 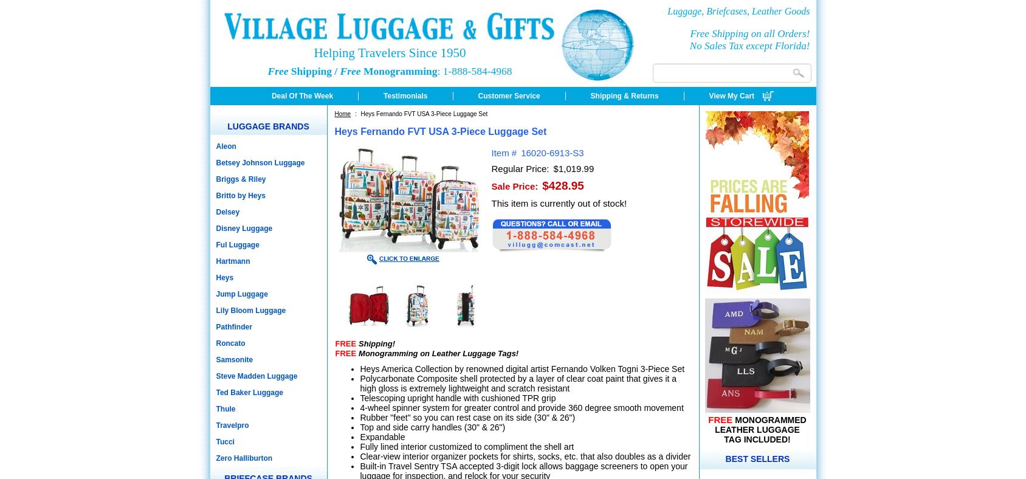 I want to click on 'Shipping /', so click(x=287, y=71).